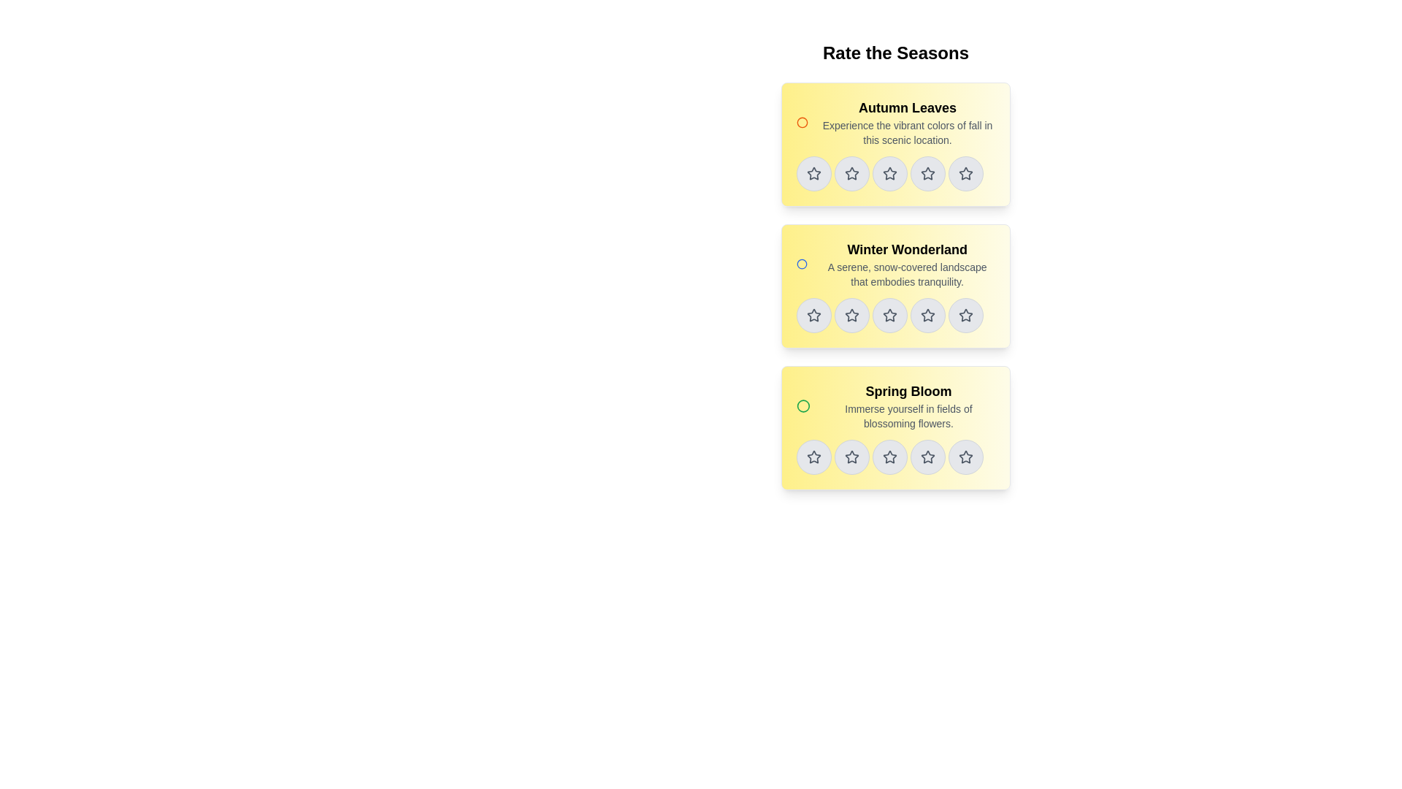  I want to click on the fifth star icon for rating, so click(965, 172).